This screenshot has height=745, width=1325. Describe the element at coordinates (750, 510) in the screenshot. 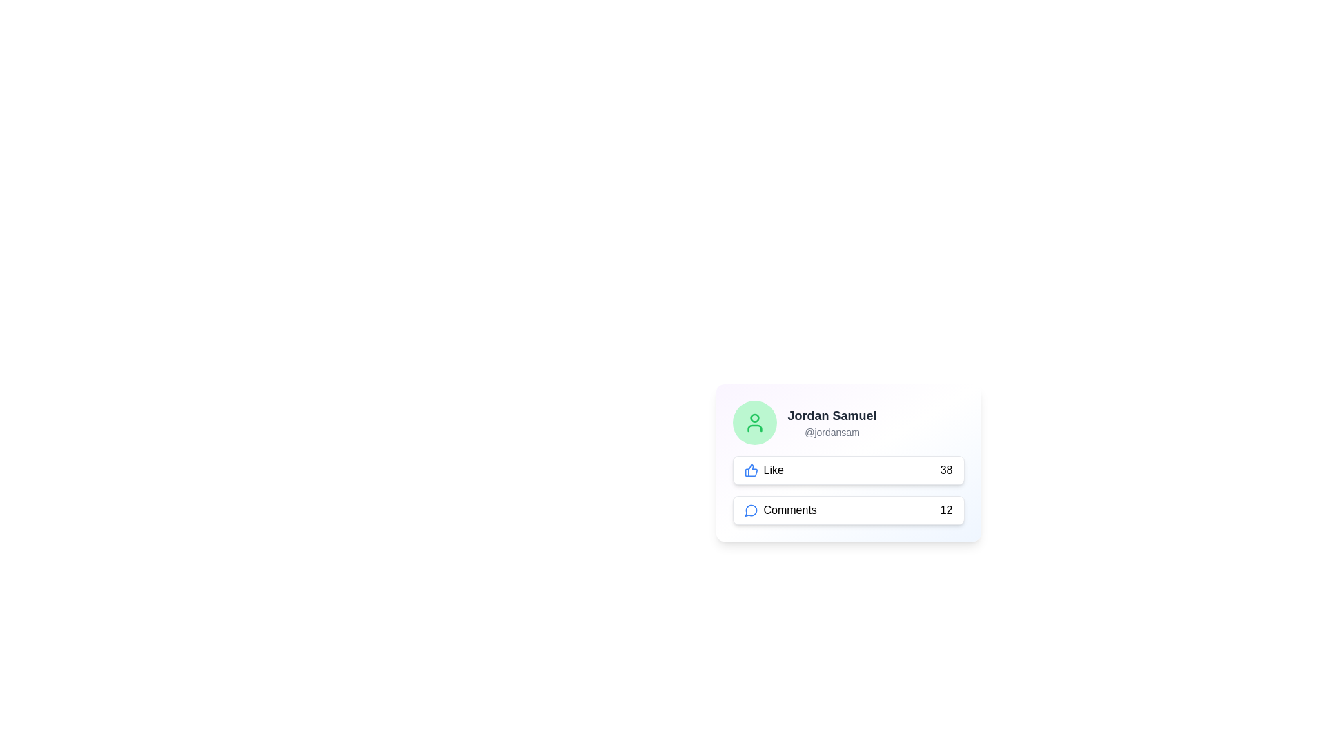

I see `the decorative graphic element within the comment icon SVG, located to the right of the 'Comments' text and above the numeric value (12)` at that location.